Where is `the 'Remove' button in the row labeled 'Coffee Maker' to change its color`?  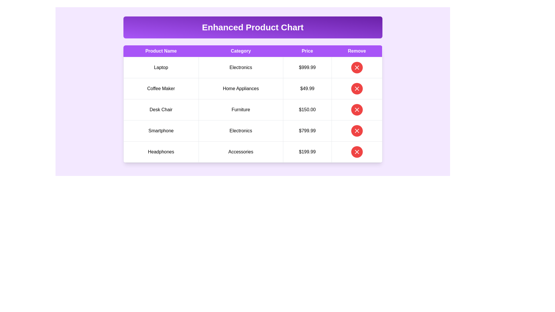 the 'Remove' button in the row labeled 'Coffee Maker' to change its color is located at coordinates (356, 89).